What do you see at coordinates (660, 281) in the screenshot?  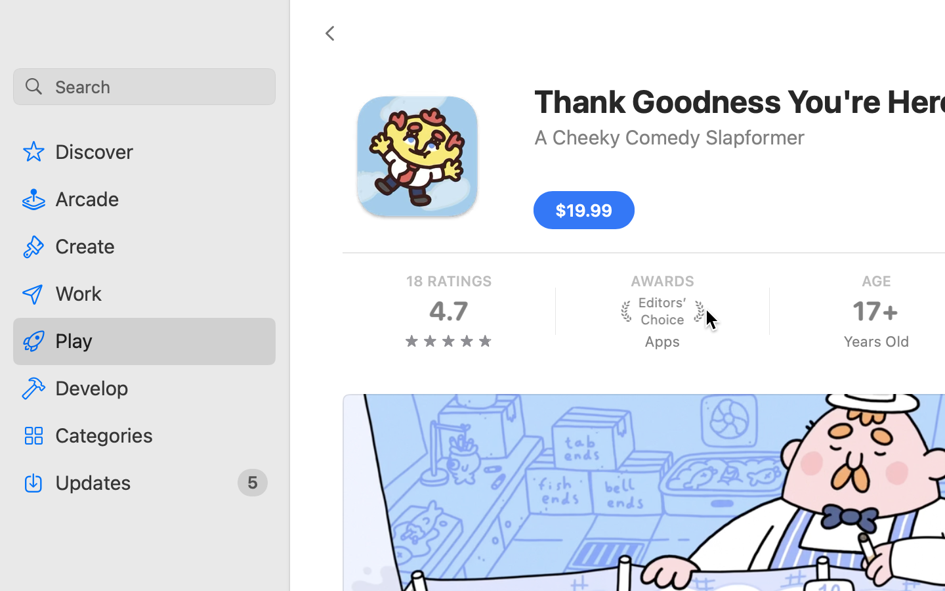 I see `'AWARDS'` at bounding box center [660, 281].